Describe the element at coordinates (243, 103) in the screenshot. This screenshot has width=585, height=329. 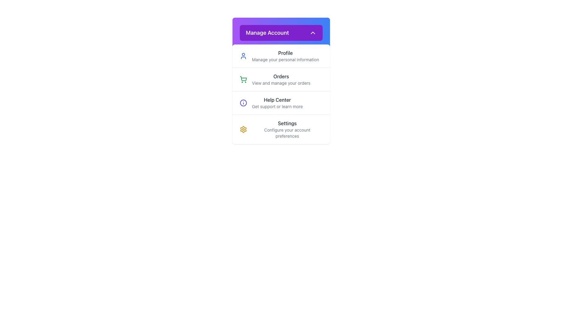
I see `the 'Help Center' icon in the dropdown menu under the 'Manage Account' section, which visually represents the option` at that location.